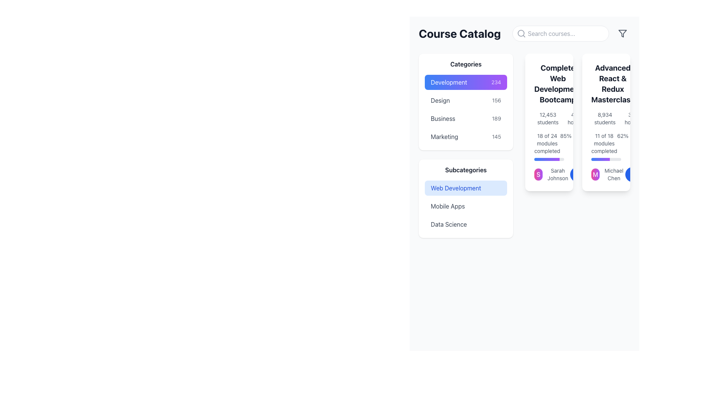 The image size is (725, 408). Describe the element at coordinates (623, 33) in the screenshot. I see `the filtering button located at the top-right corner of the interface, beside the search bar` at that location.